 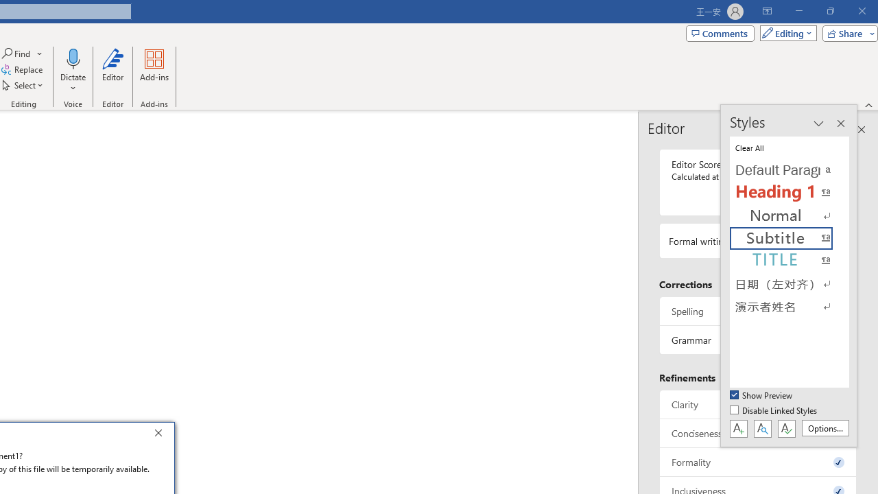 What do you see at coordinates (761, 396) in the screenshot?
I see `'Show Preview'` at bounding box center [761, 396].